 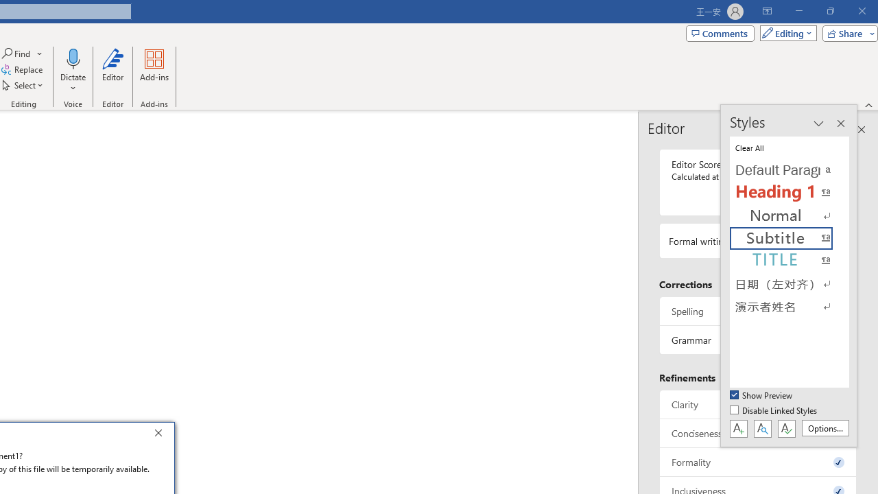 What do you see at coordinates (761, 396) in the screenshot?
I see `'Show Preview'` at bounding box center [761, 396].